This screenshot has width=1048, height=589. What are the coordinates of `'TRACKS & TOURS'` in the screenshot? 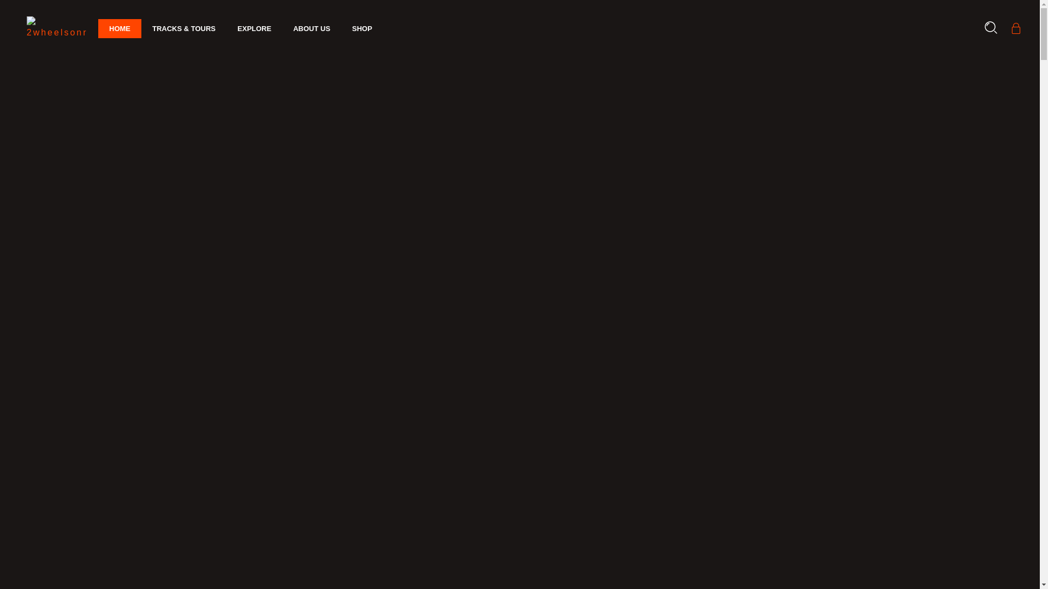 It's located at (183, 28).